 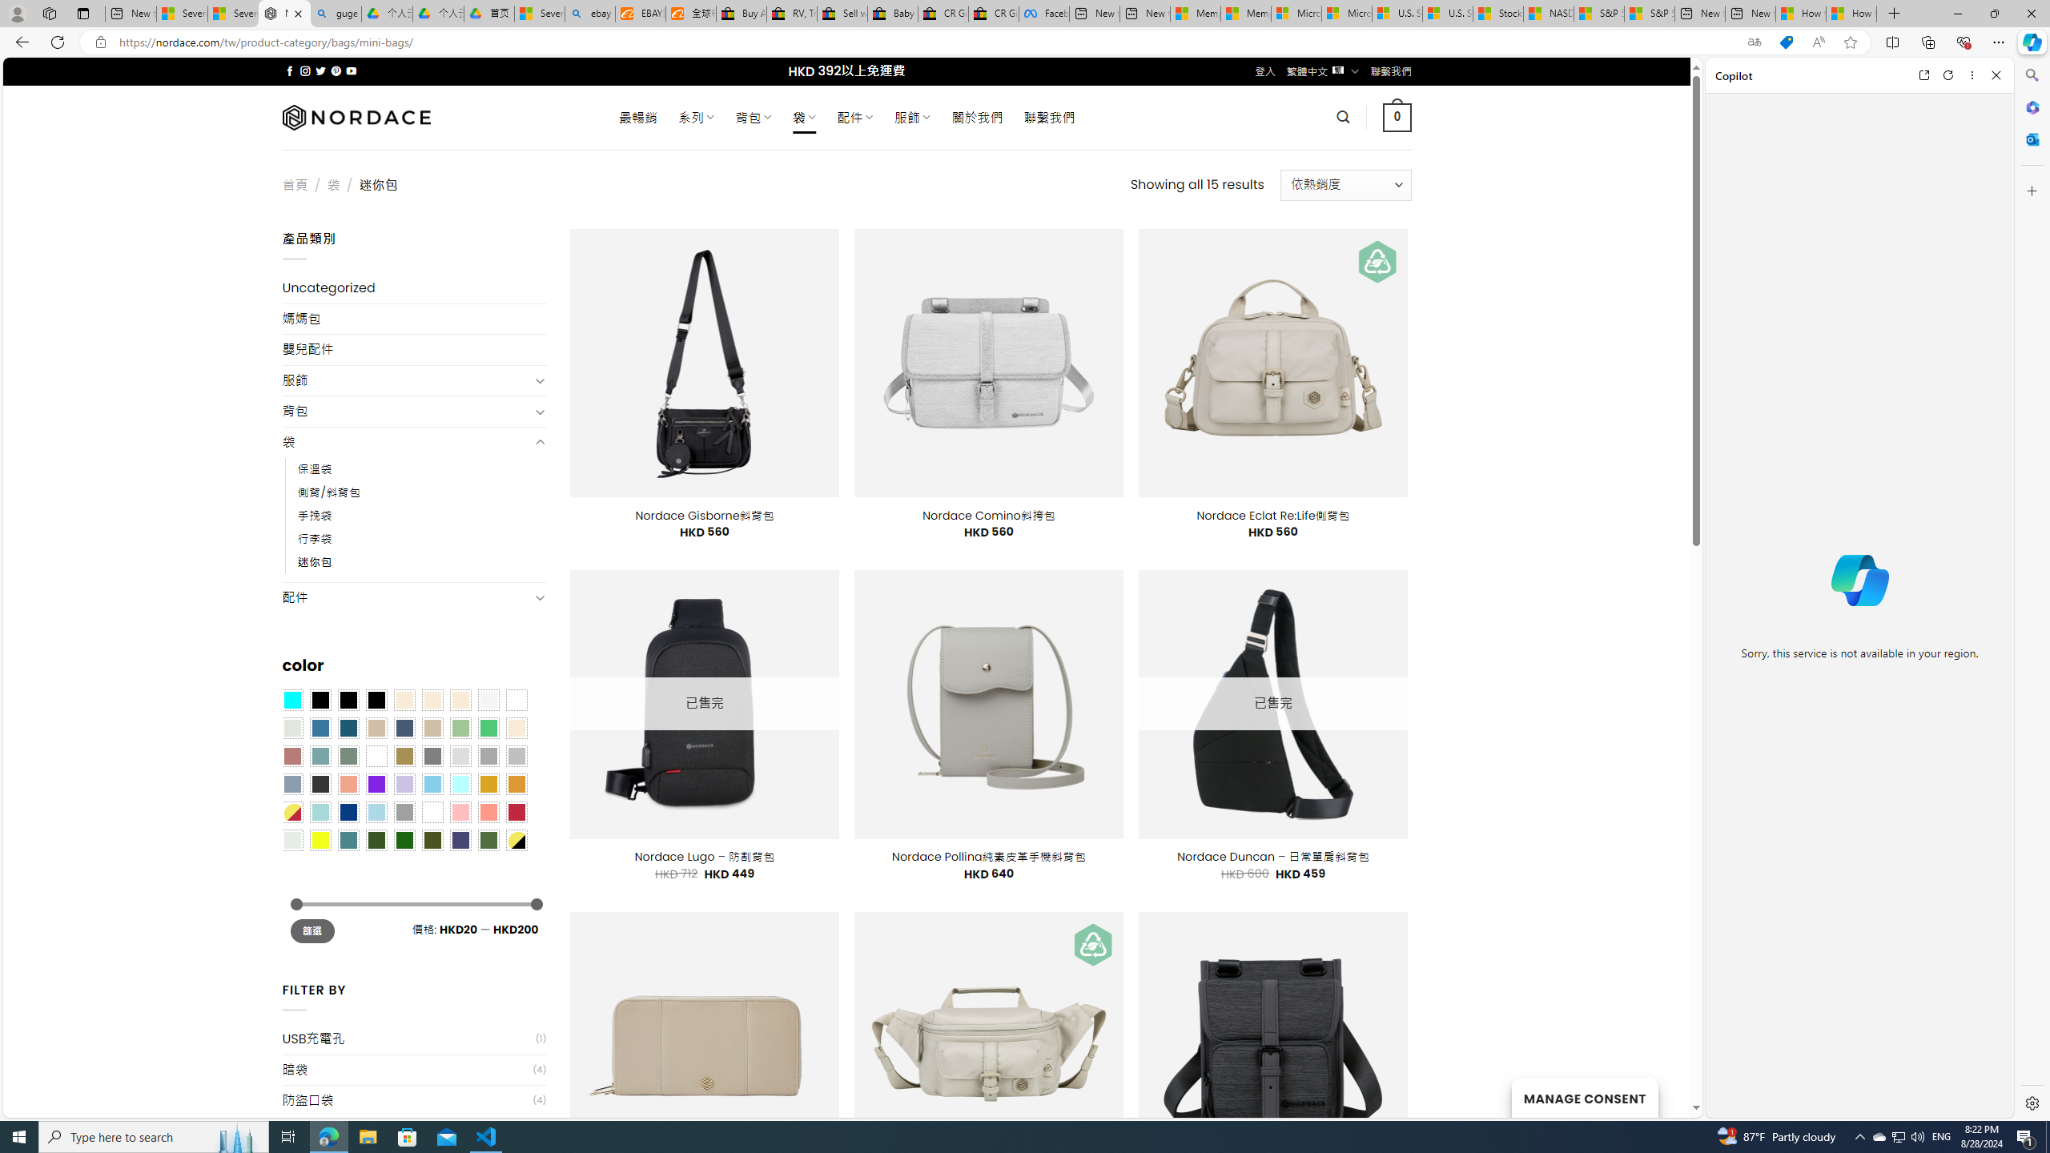 What do you see at coordinates (82, 13) in the screenshot?
I see `'Tab actions menu'` at bounding box center [82, 13].